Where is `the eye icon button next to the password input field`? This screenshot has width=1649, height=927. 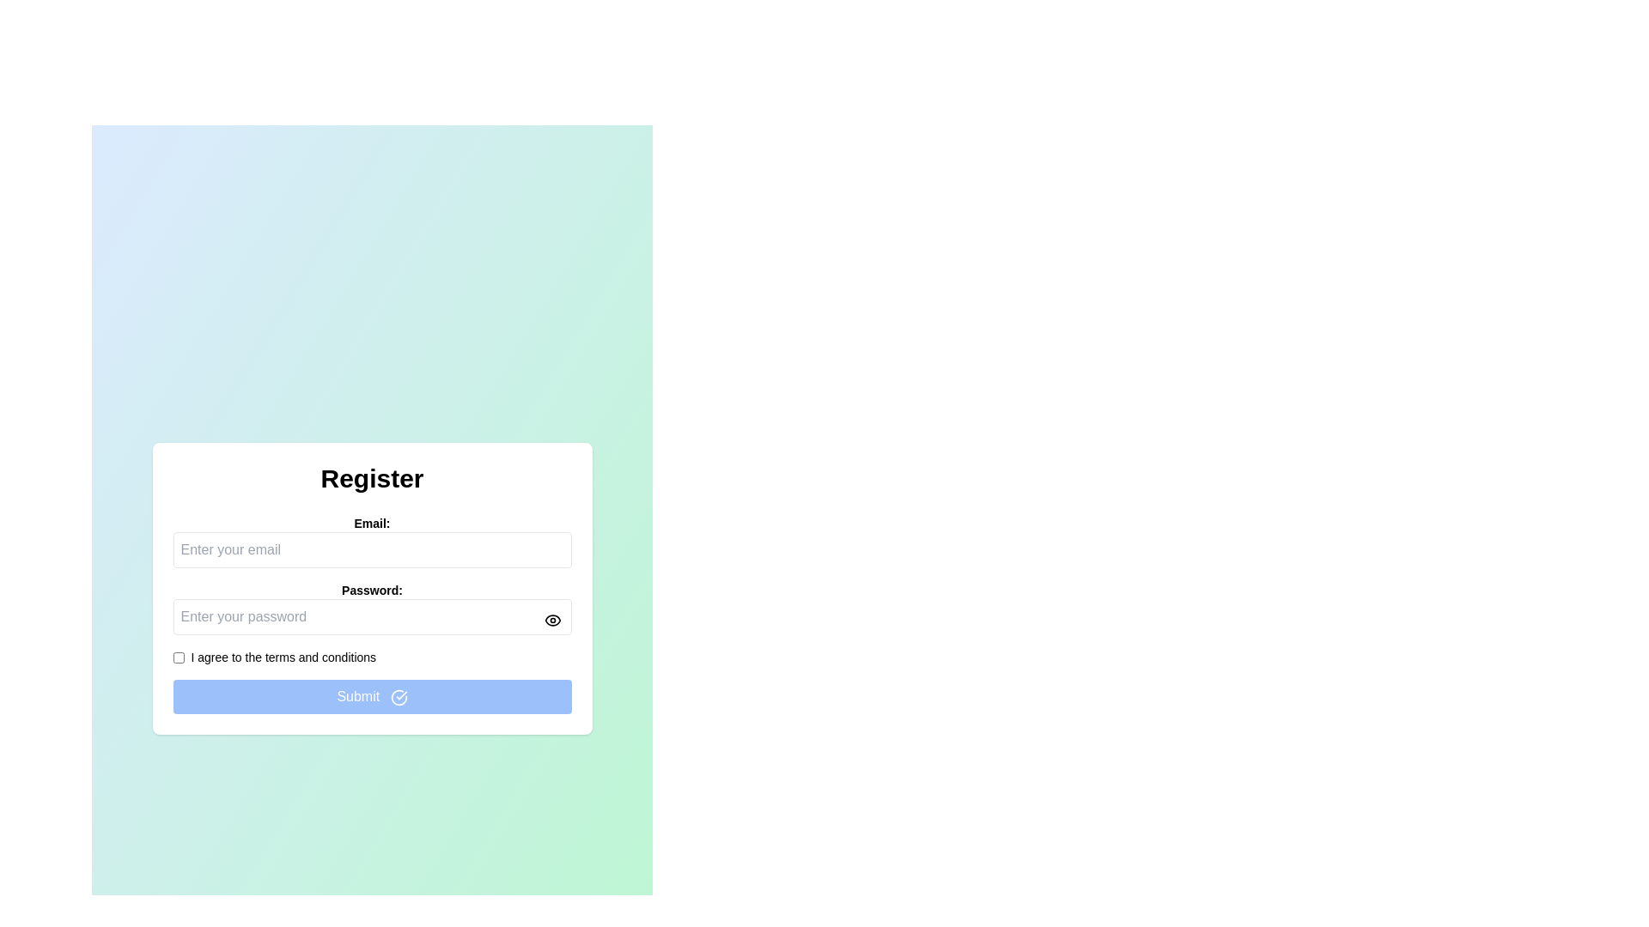
the eye icon button next to the password input field is located at coordinates (552, 620).